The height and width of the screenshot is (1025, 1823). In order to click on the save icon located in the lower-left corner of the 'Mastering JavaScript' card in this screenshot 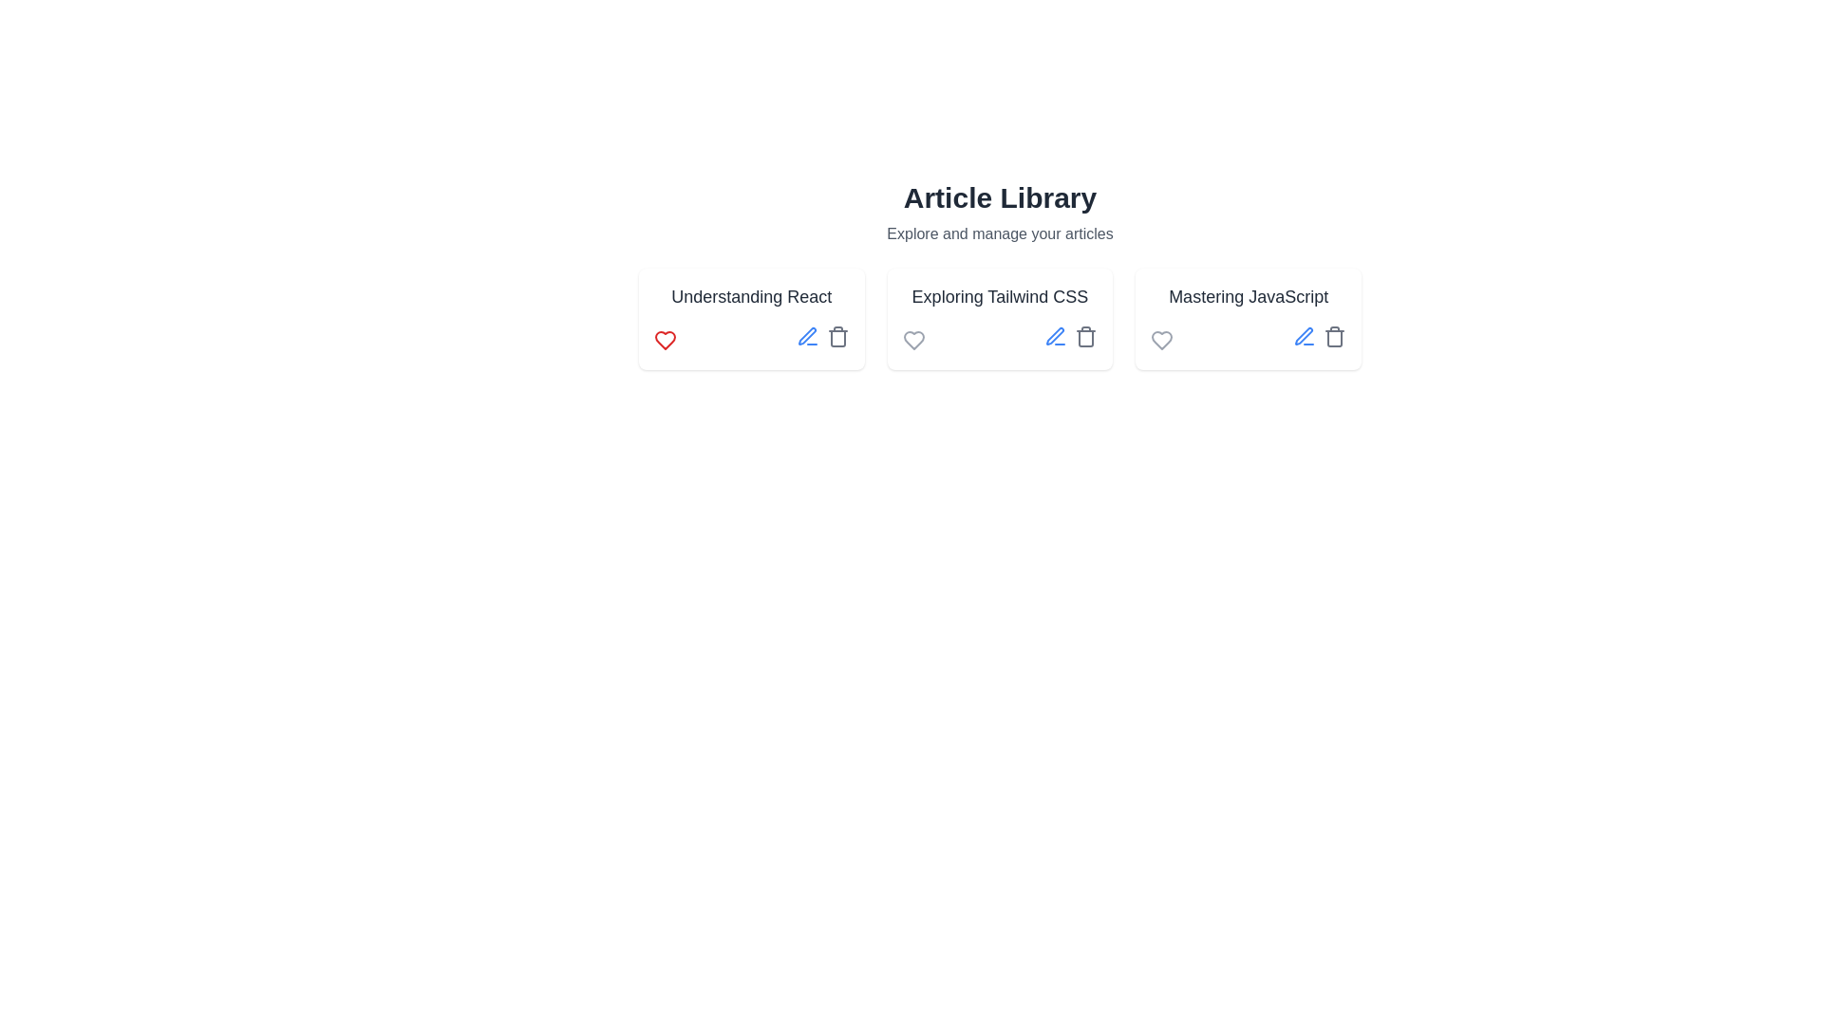, I will do `click(1161, 339)`.